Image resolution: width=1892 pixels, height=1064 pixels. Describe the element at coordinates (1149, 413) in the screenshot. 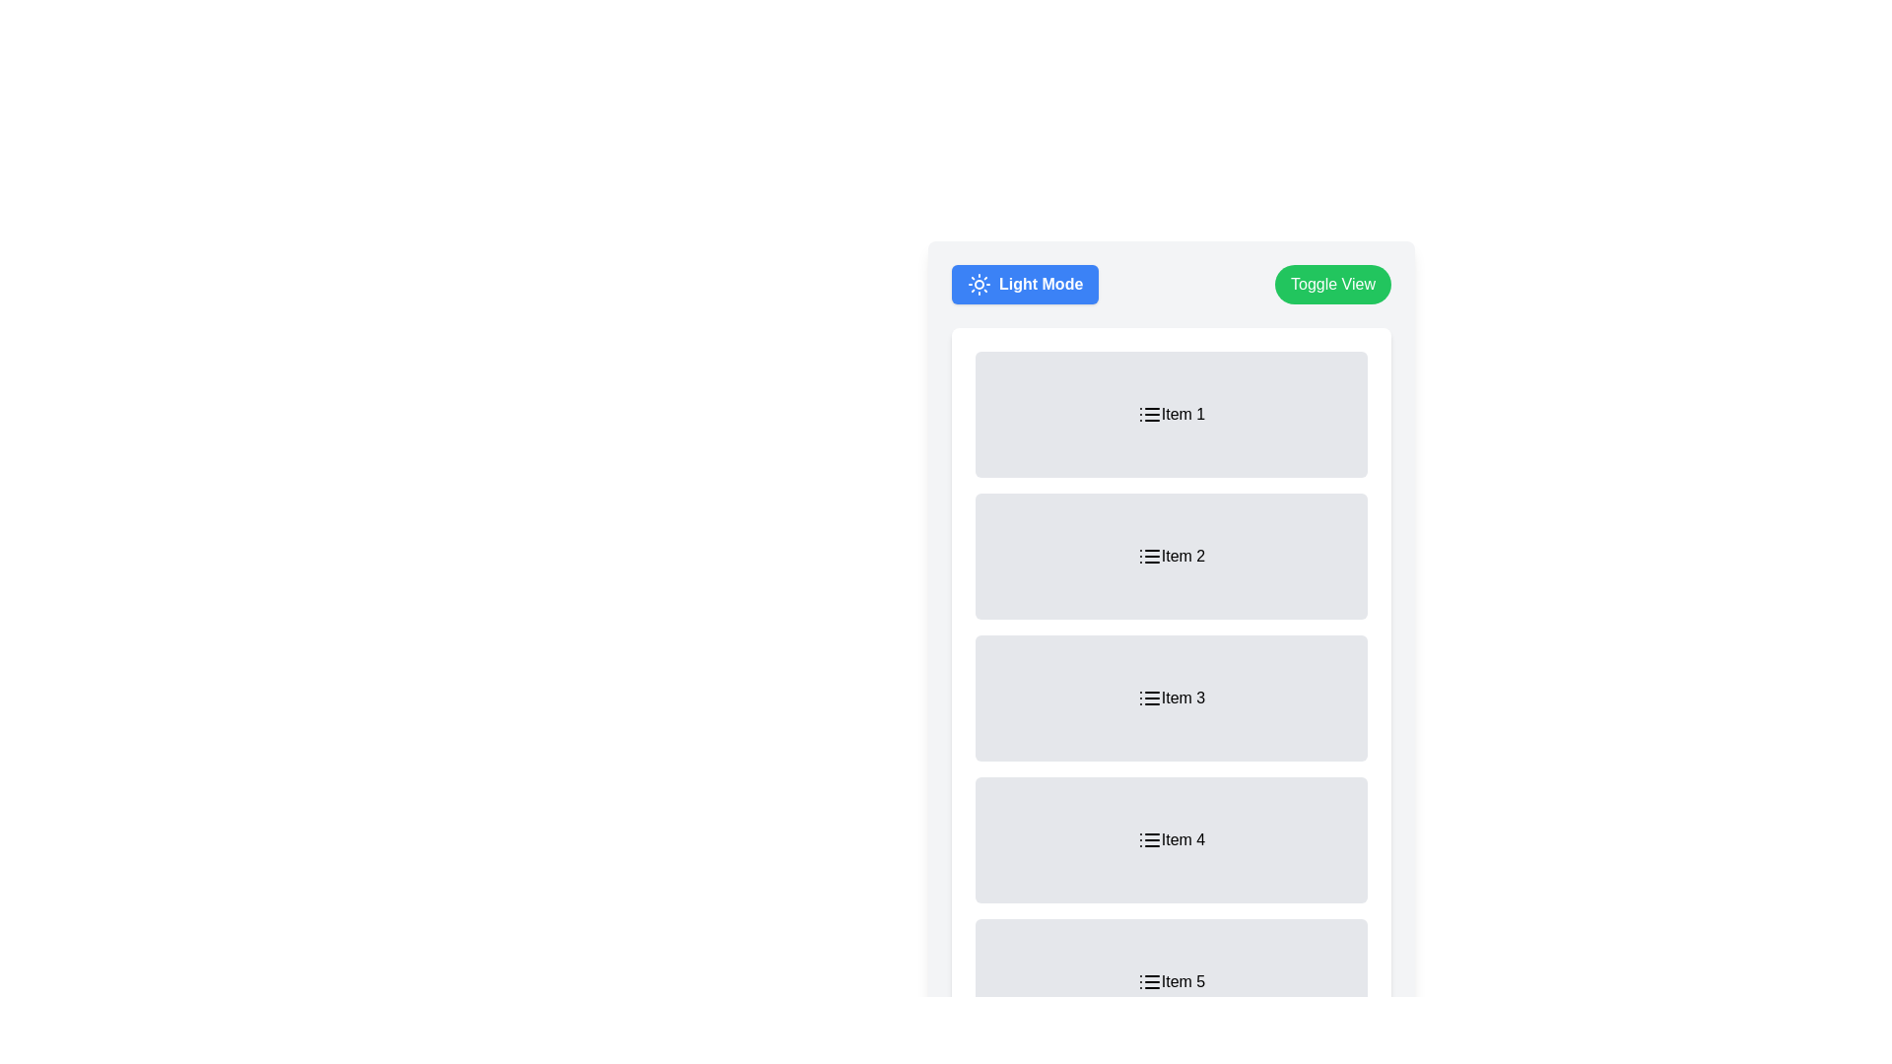

I see `the list icon consisting of three horizontal black lines within a small square area` at that location.